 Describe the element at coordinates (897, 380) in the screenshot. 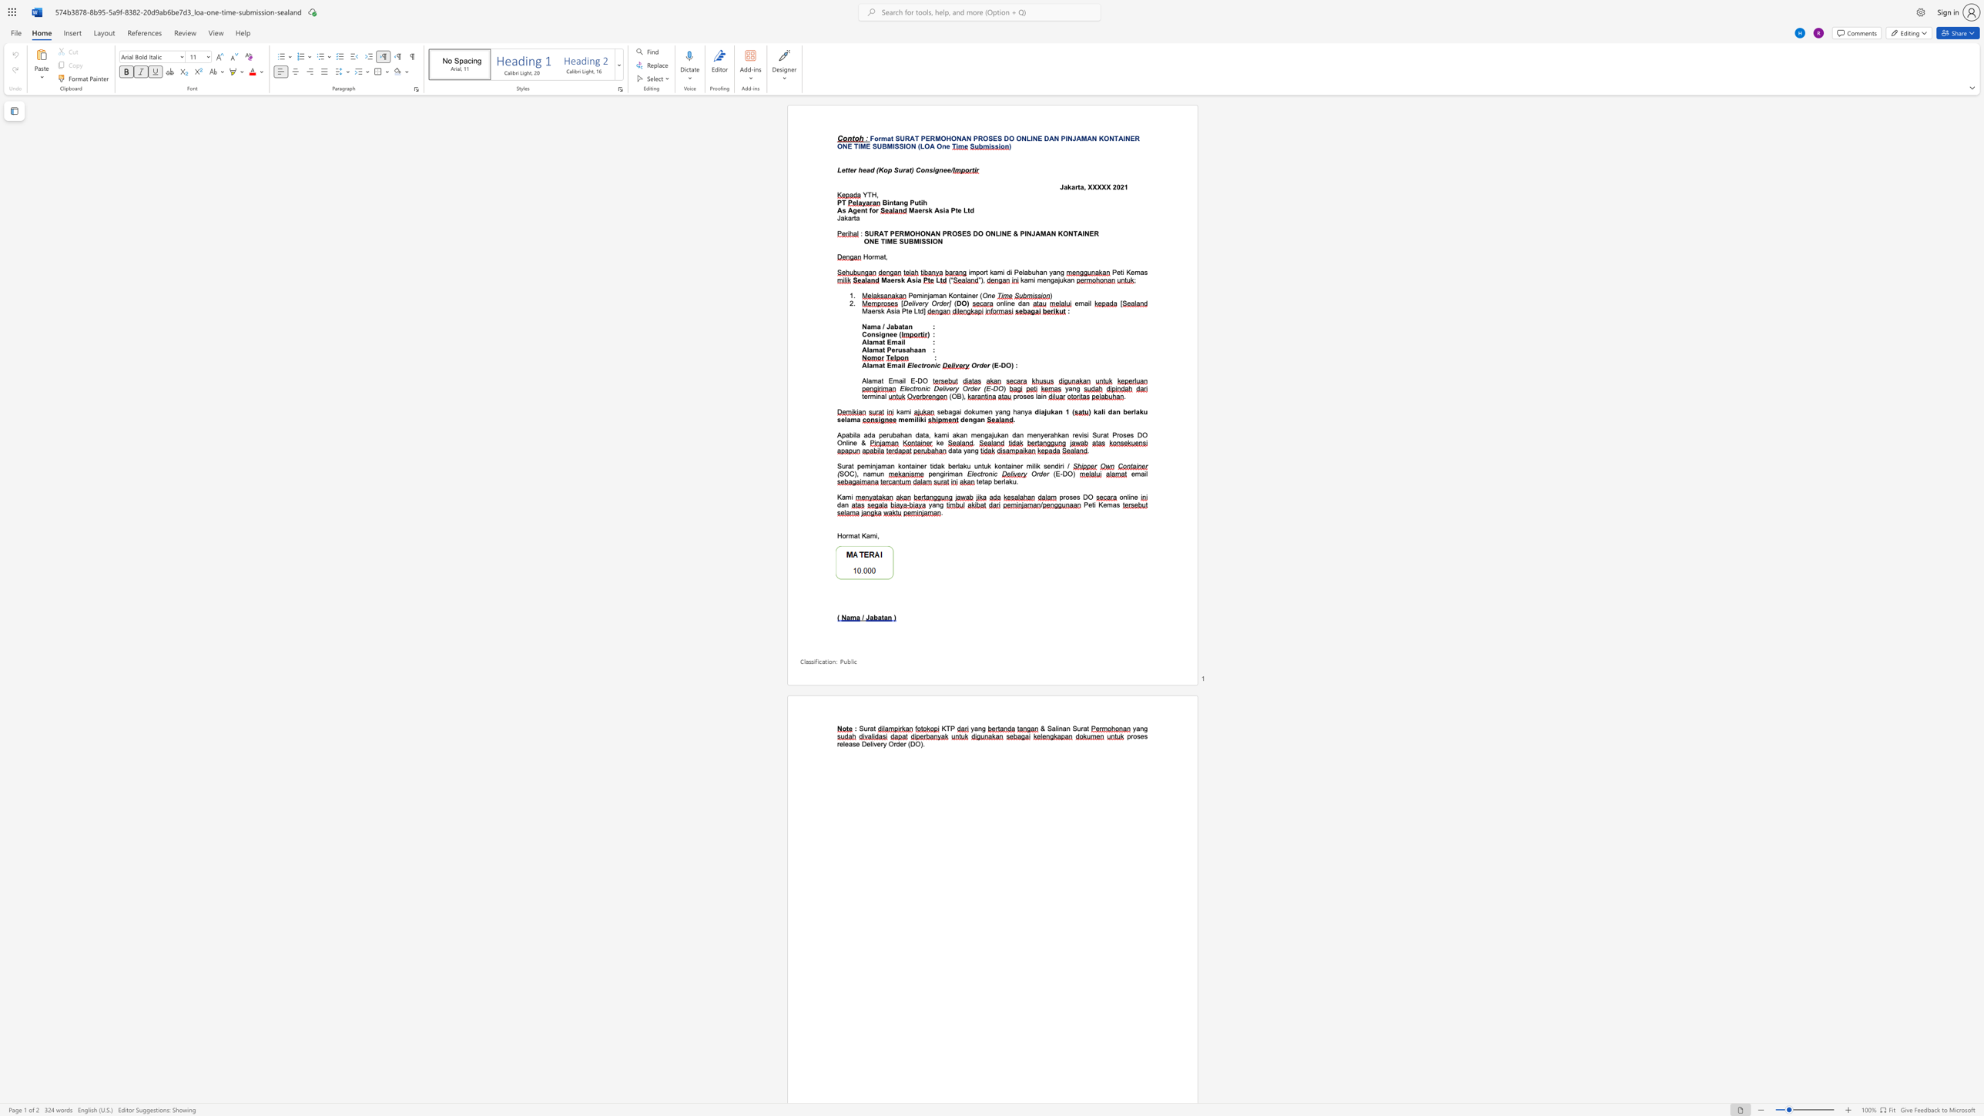

I see `the subset text "ail E-" within the text "Alamat Email E-DO"` at that location.